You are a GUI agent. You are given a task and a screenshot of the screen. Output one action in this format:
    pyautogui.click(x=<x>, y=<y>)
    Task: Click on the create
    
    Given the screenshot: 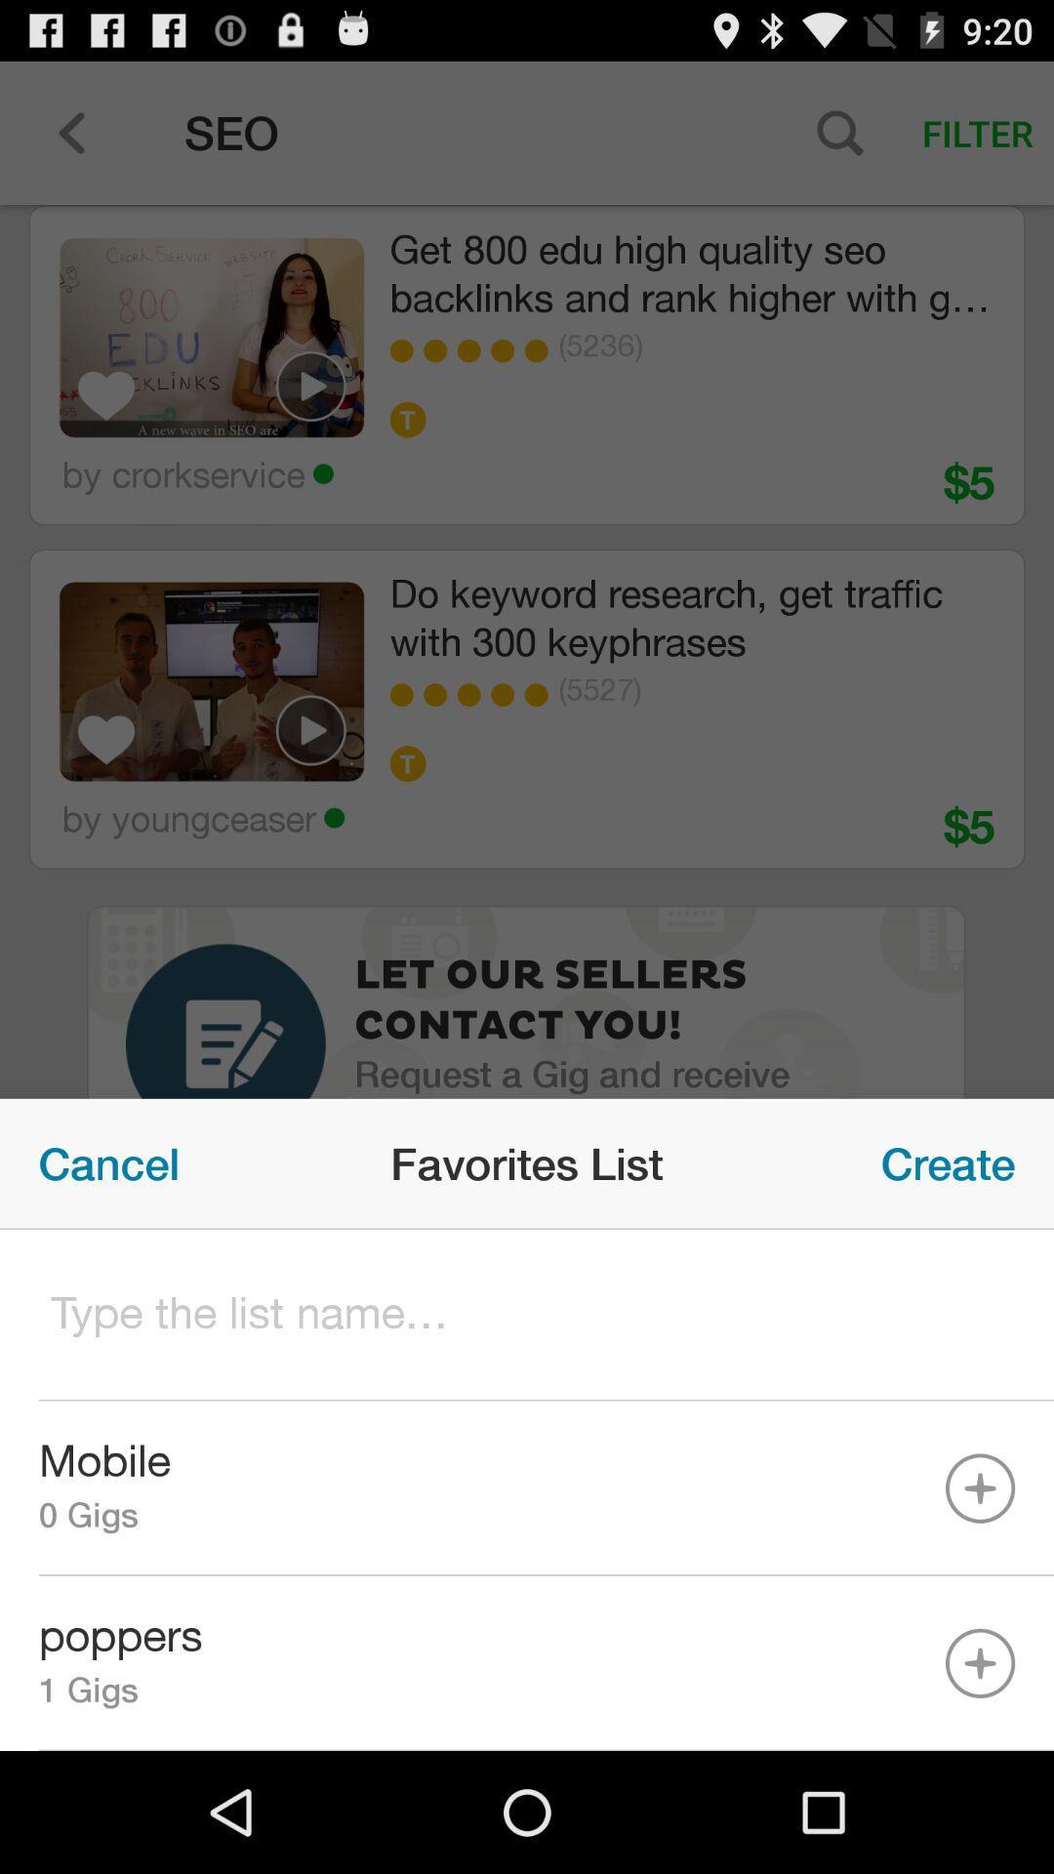 What is the action you would take?
    pyautogui.click(x=947, y=1163)
    